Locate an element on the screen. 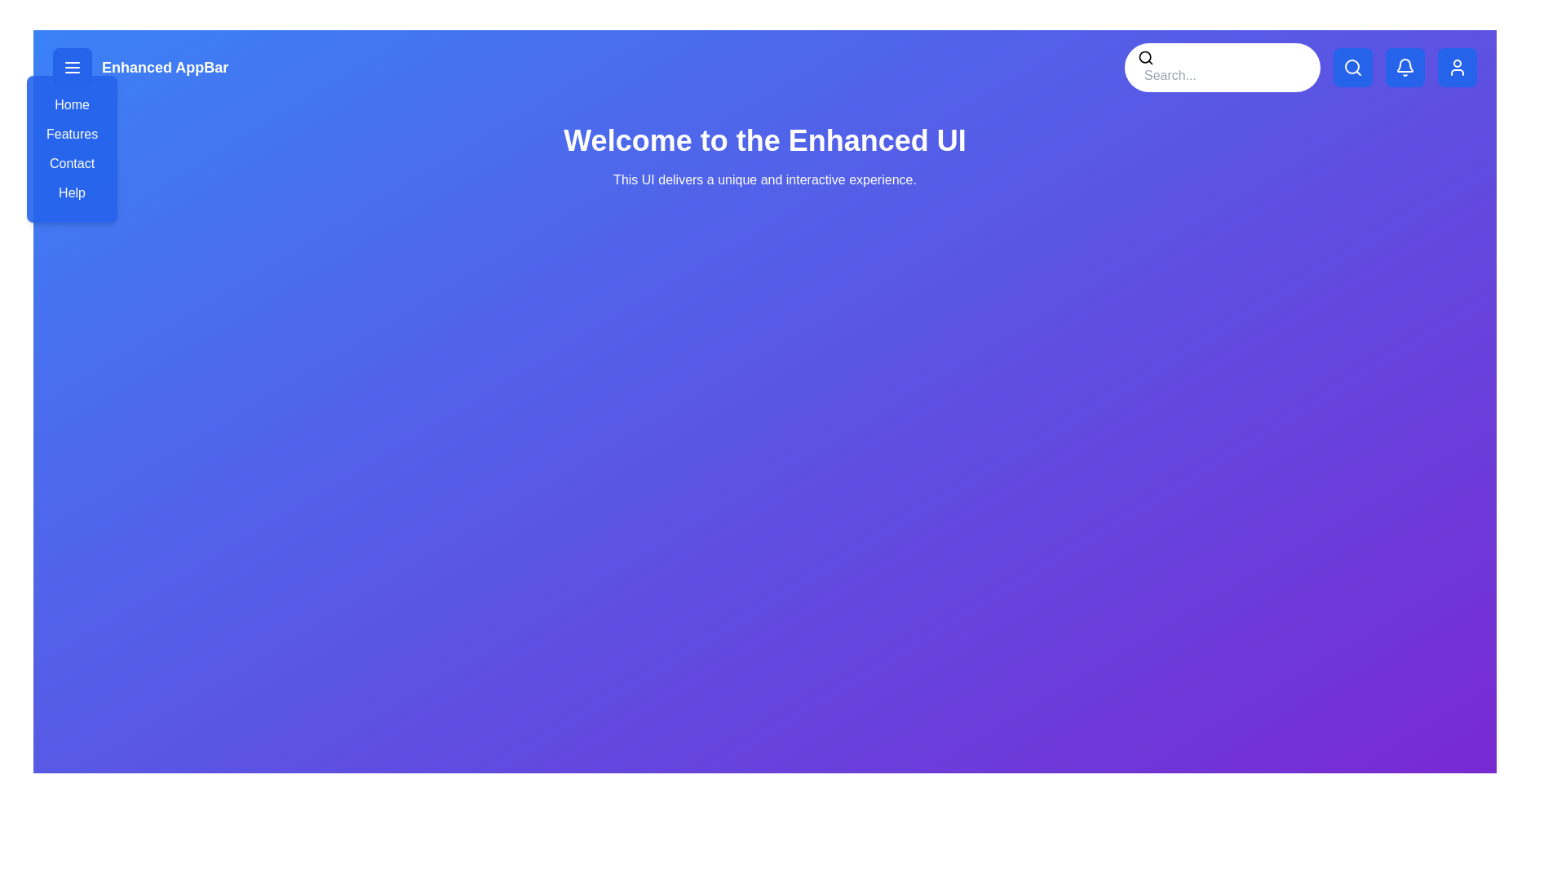 This screenshot has height=881, width=1566. the menu item labeled Features is located at coordinates (70, 134).